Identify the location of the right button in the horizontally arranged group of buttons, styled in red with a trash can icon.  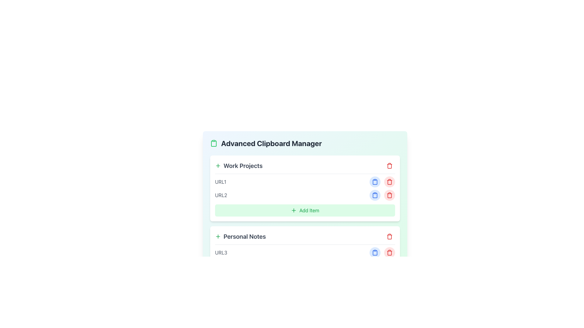
(382, 195).